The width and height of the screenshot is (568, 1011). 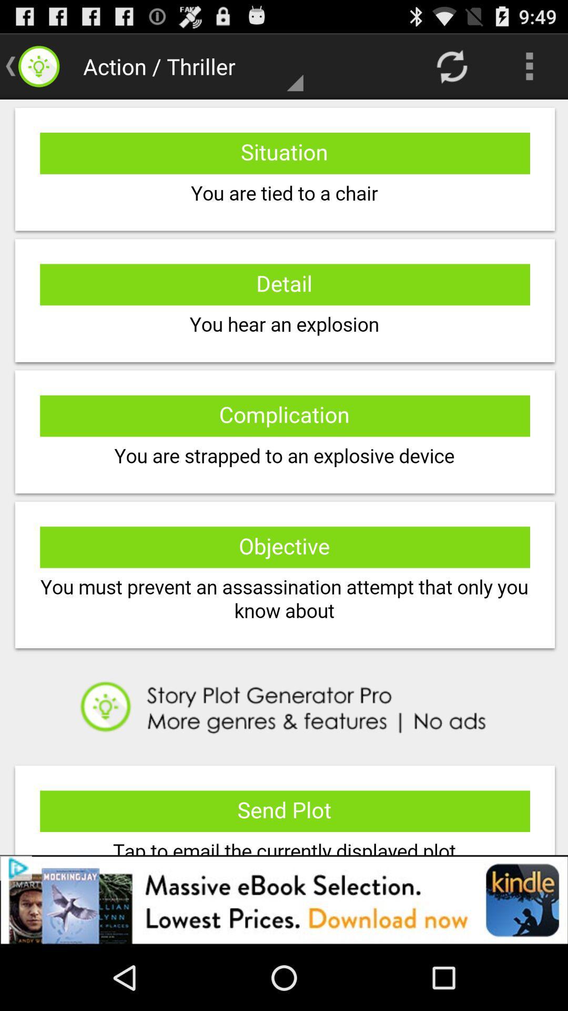 I want to click on description, so click(x=284, y=477).